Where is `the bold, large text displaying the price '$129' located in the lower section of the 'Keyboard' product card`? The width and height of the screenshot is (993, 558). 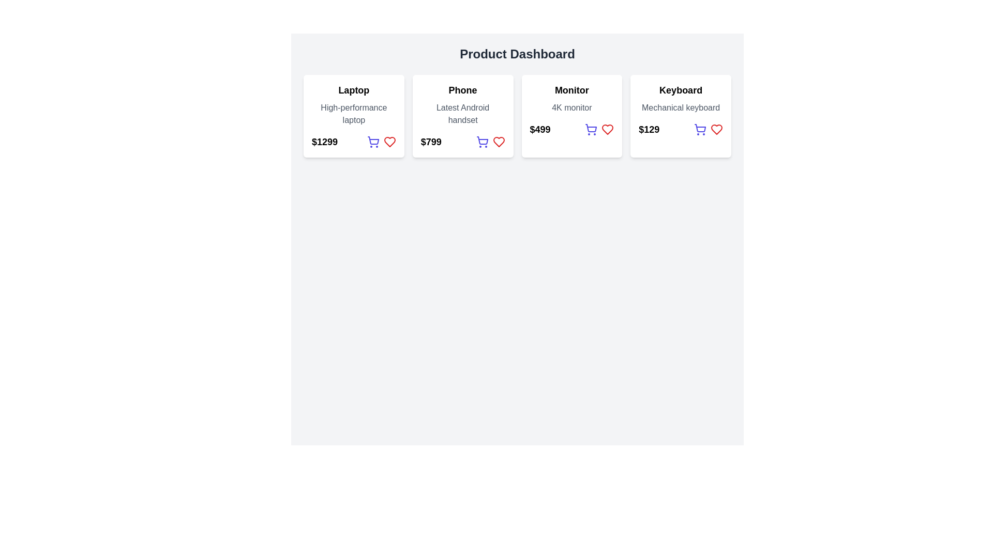 the bold, large text displaying the price '$129' located in the lower section of the 'Keyboard' product card is located at coordinates (649, 129).